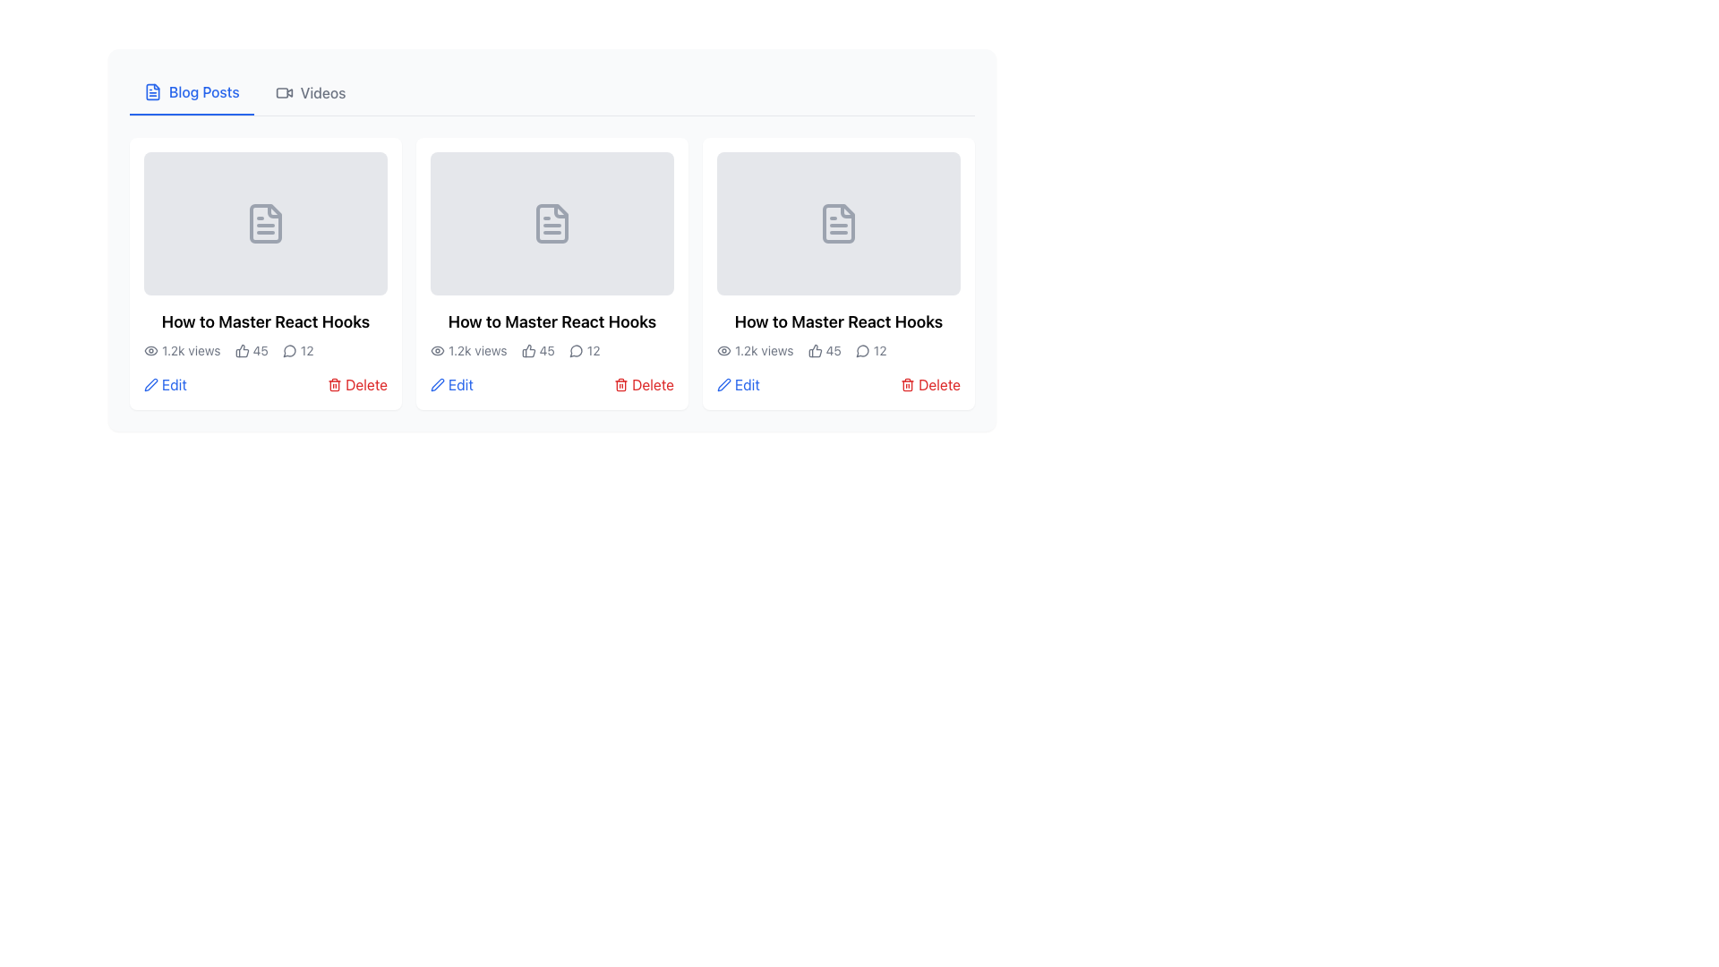 This screenshot has width=1719, height=967. I want to click on the circular speech bubble icon, which is the third icon in the sequence of interactive elements below the title of the card, so click(289, 351).